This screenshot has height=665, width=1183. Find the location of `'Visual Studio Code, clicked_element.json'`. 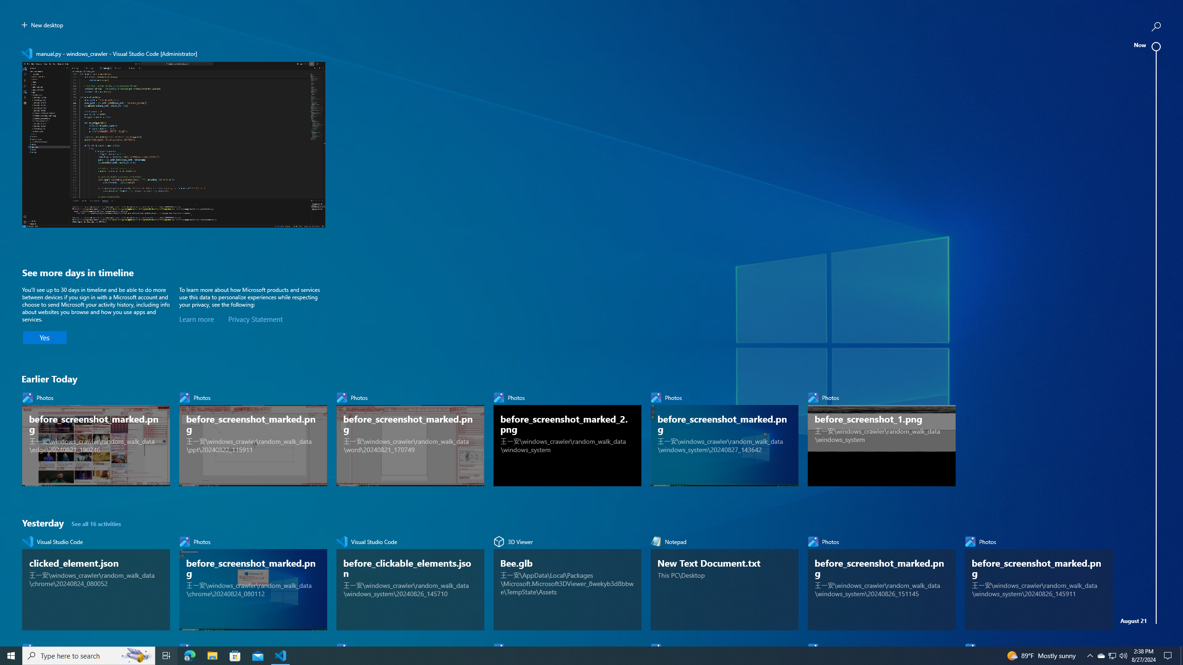

'Visual Studio Code, clicked_element.json' is located at coordinates (96, 581).